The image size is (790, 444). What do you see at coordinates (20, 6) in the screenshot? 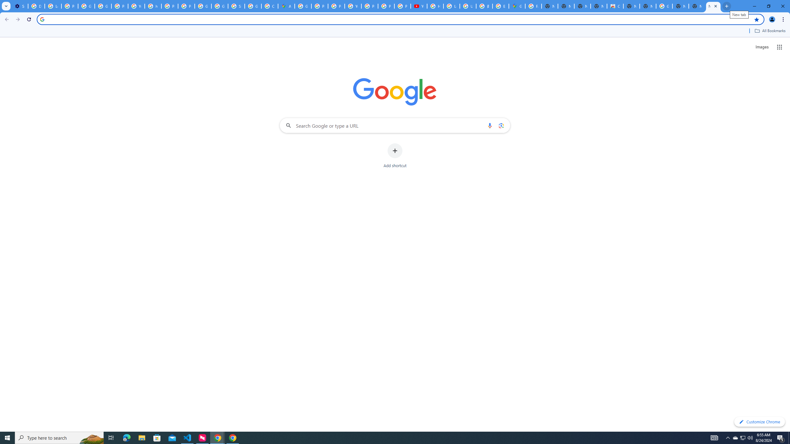
I see `'Settings - On startup'` at bounding box center [20, 6].